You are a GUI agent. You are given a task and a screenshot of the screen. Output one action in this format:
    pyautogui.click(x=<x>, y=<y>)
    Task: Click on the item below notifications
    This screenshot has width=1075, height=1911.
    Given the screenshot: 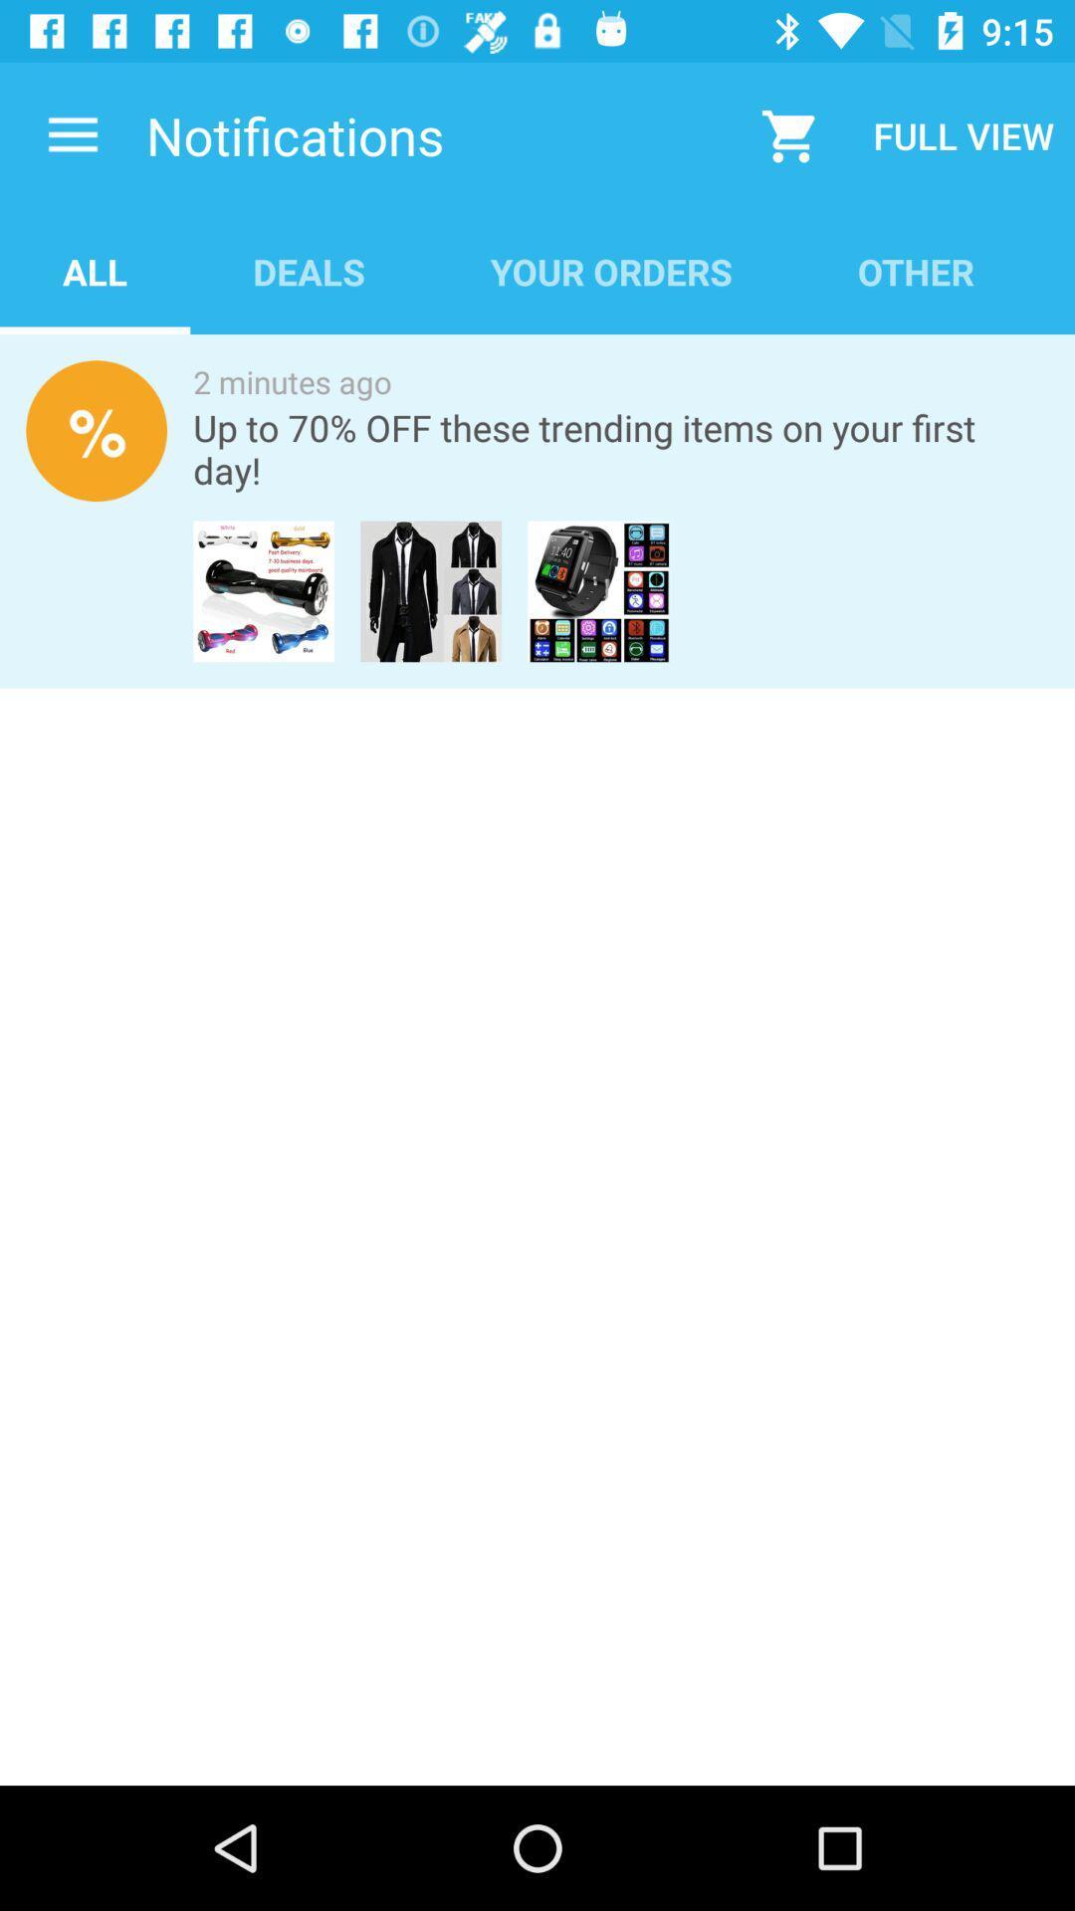 What is the action you would take?
    pyautogui.click(x=95, y=271)
    